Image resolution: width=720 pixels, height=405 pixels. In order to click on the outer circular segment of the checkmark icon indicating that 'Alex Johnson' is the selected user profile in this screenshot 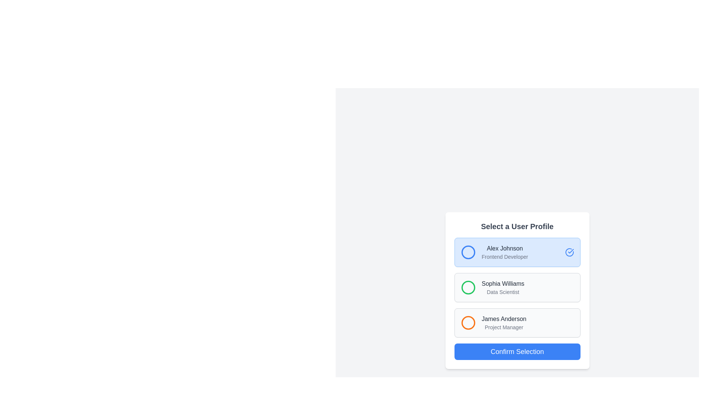, I will do `click(569, 252)`.